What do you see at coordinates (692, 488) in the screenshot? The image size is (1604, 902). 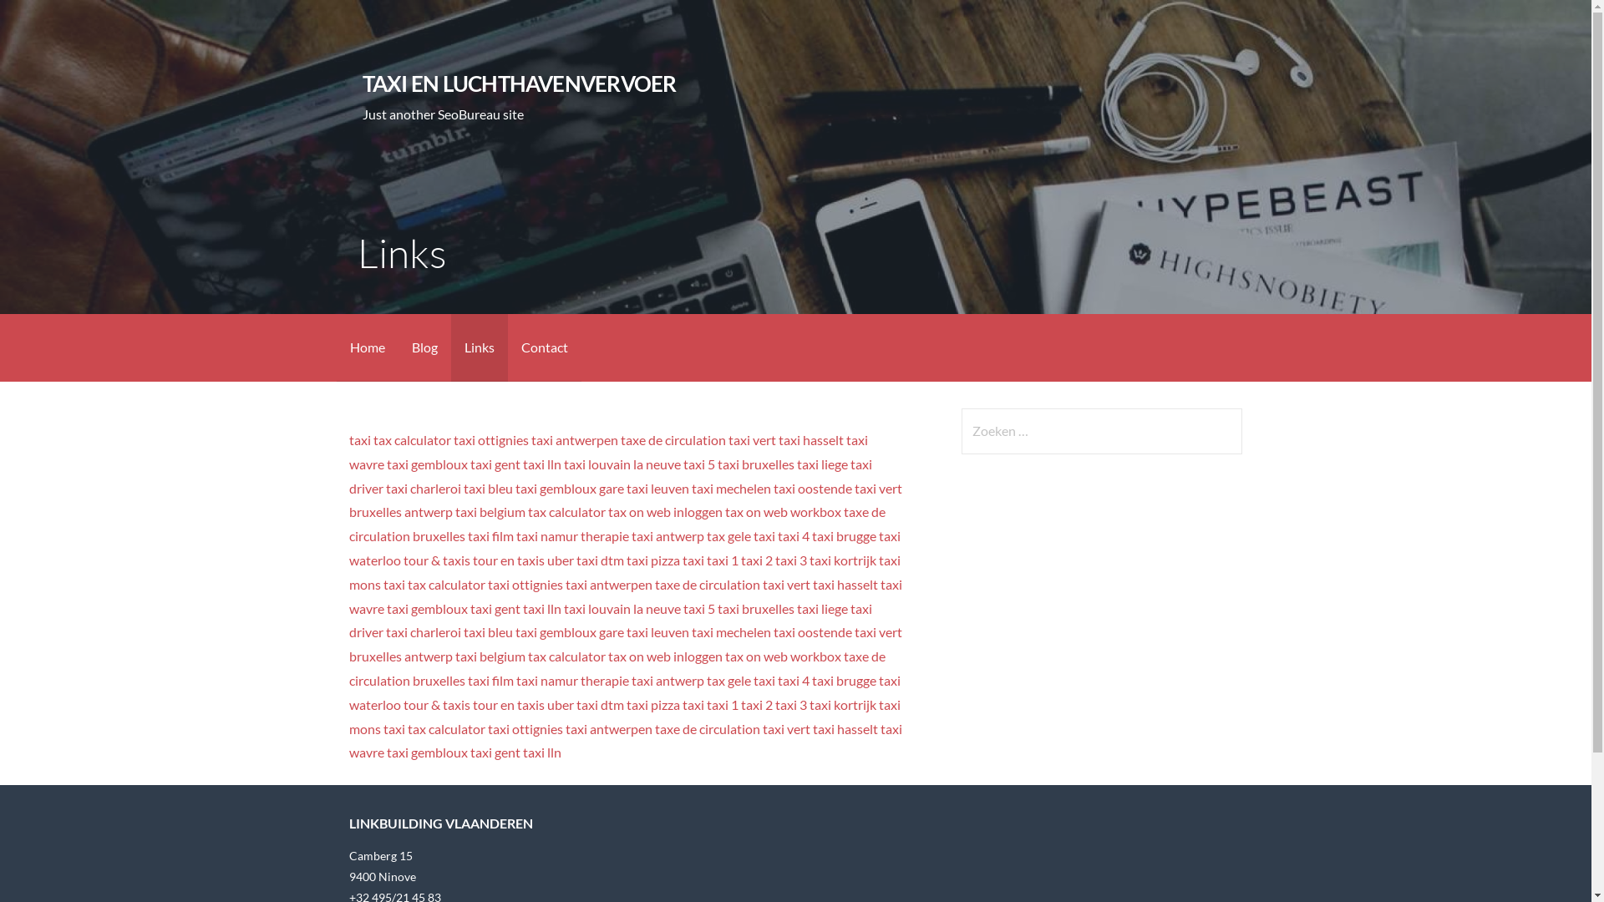 I see `'taxi mechelen'` at bounding box center [692, 488].